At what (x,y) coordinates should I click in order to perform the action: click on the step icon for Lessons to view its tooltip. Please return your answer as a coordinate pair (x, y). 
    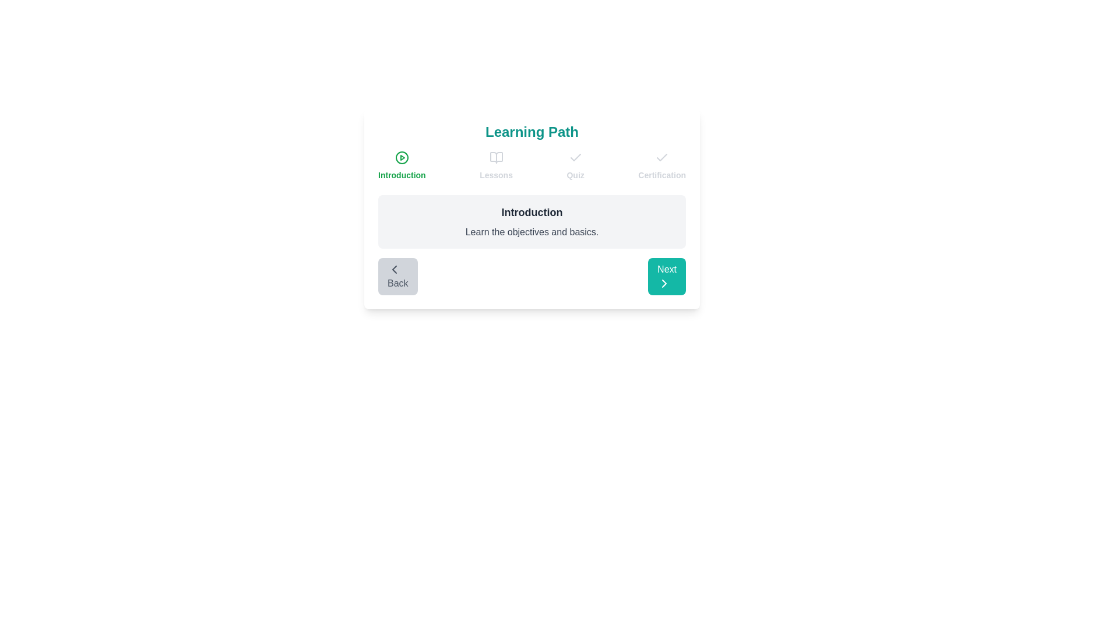
    Looking at the image, I should click on (496, 157).